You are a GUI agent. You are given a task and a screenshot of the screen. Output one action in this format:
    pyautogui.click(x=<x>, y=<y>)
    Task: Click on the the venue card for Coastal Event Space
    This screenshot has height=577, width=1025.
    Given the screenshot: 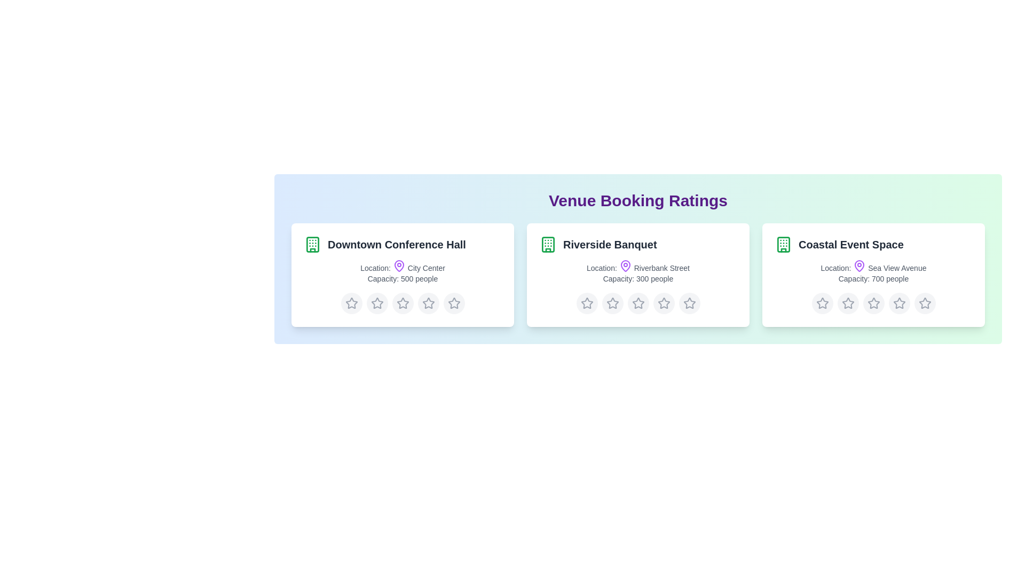 What is the action you would take?
    pyautogui.click(x=873, y=275)
    